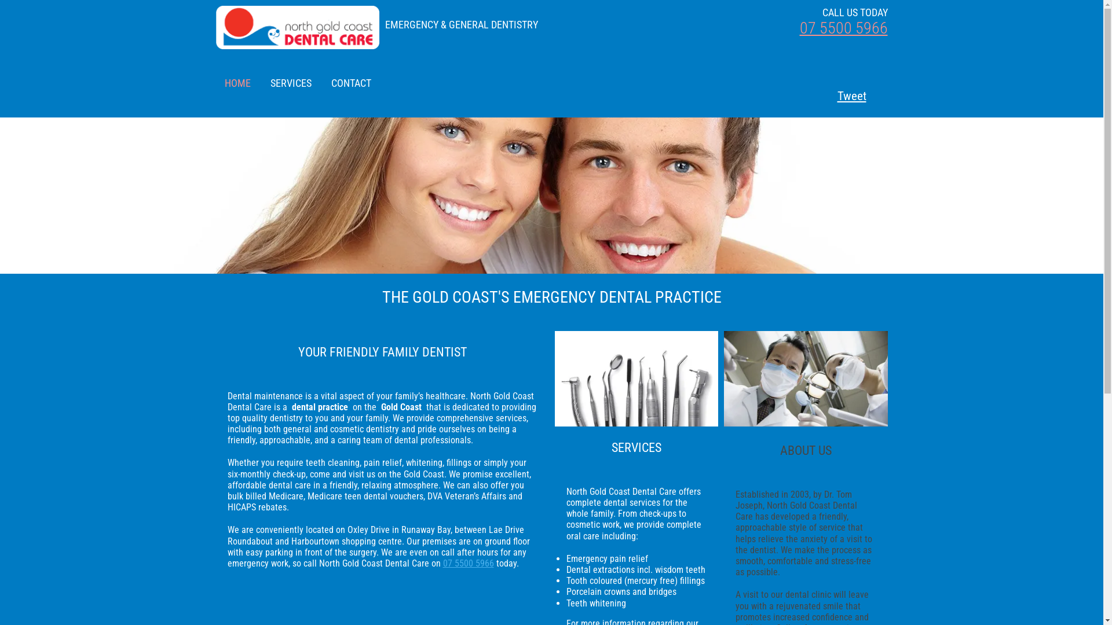 Image resolution: width=1112 pixels, height=625 pixels. What do you see at coordinates (723, 378) in the screenshot?
I see `'two-dentist-general-check'` at bounding box center [723, 378].